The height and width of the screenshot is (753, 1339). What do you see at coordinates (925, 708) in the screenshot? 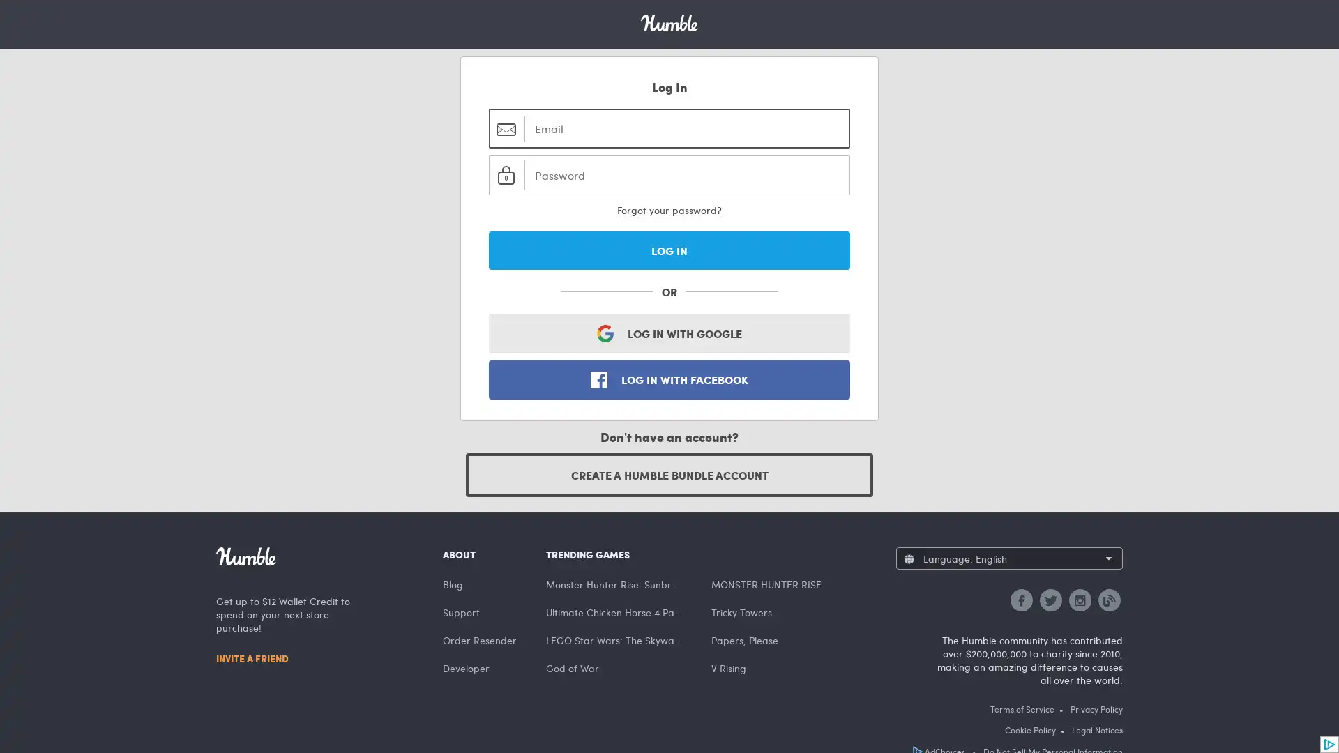
I see `Espanol` at bounding box center [925, 708].